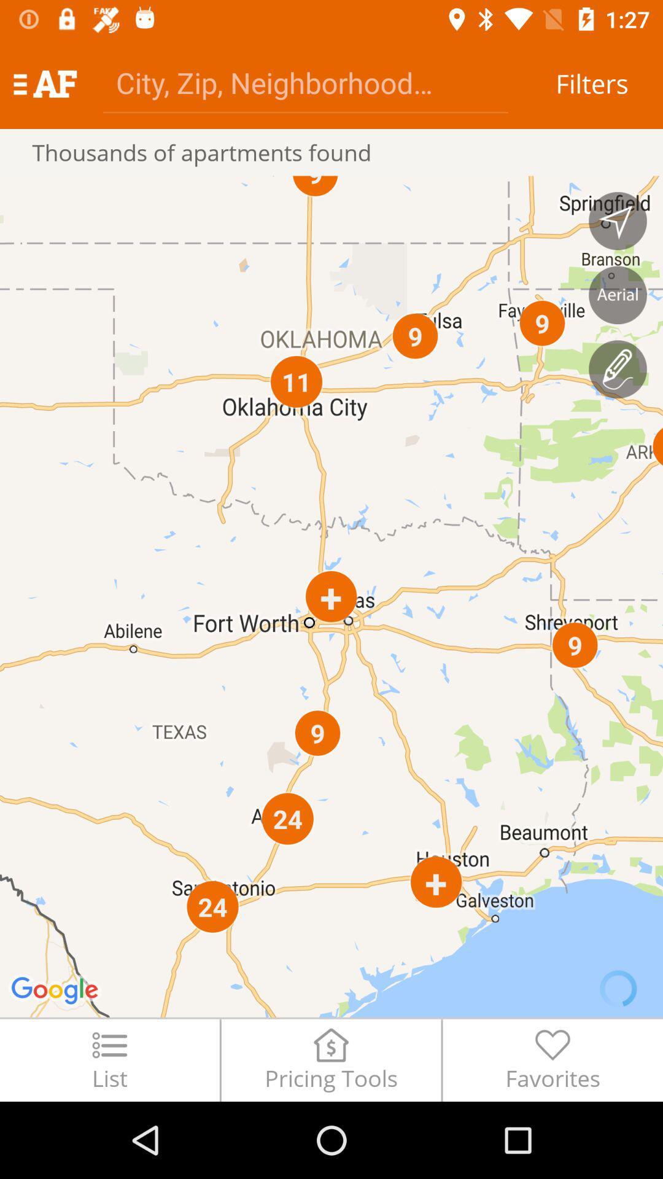  Describe the element at coordinates (618, 295) in the screenshot. I see `change app view` at that location.